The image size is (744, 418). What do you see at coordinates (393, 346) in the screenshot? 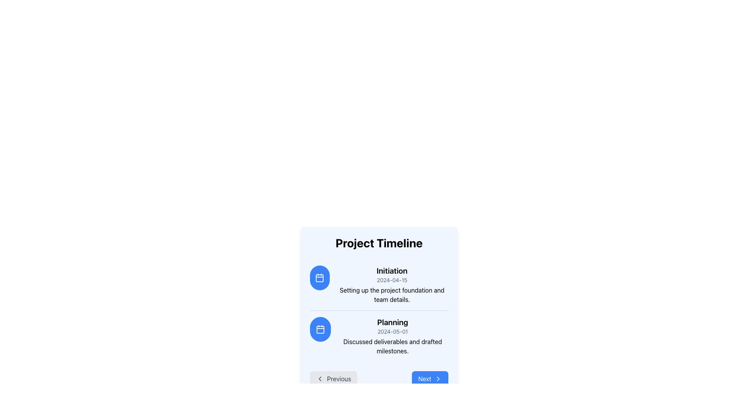
I see `the text display element that shows 'Discussed deliverables and drafted milestones.' located beneath the date 'Planning 2024-05-01'` at bounding box center [393, 346].